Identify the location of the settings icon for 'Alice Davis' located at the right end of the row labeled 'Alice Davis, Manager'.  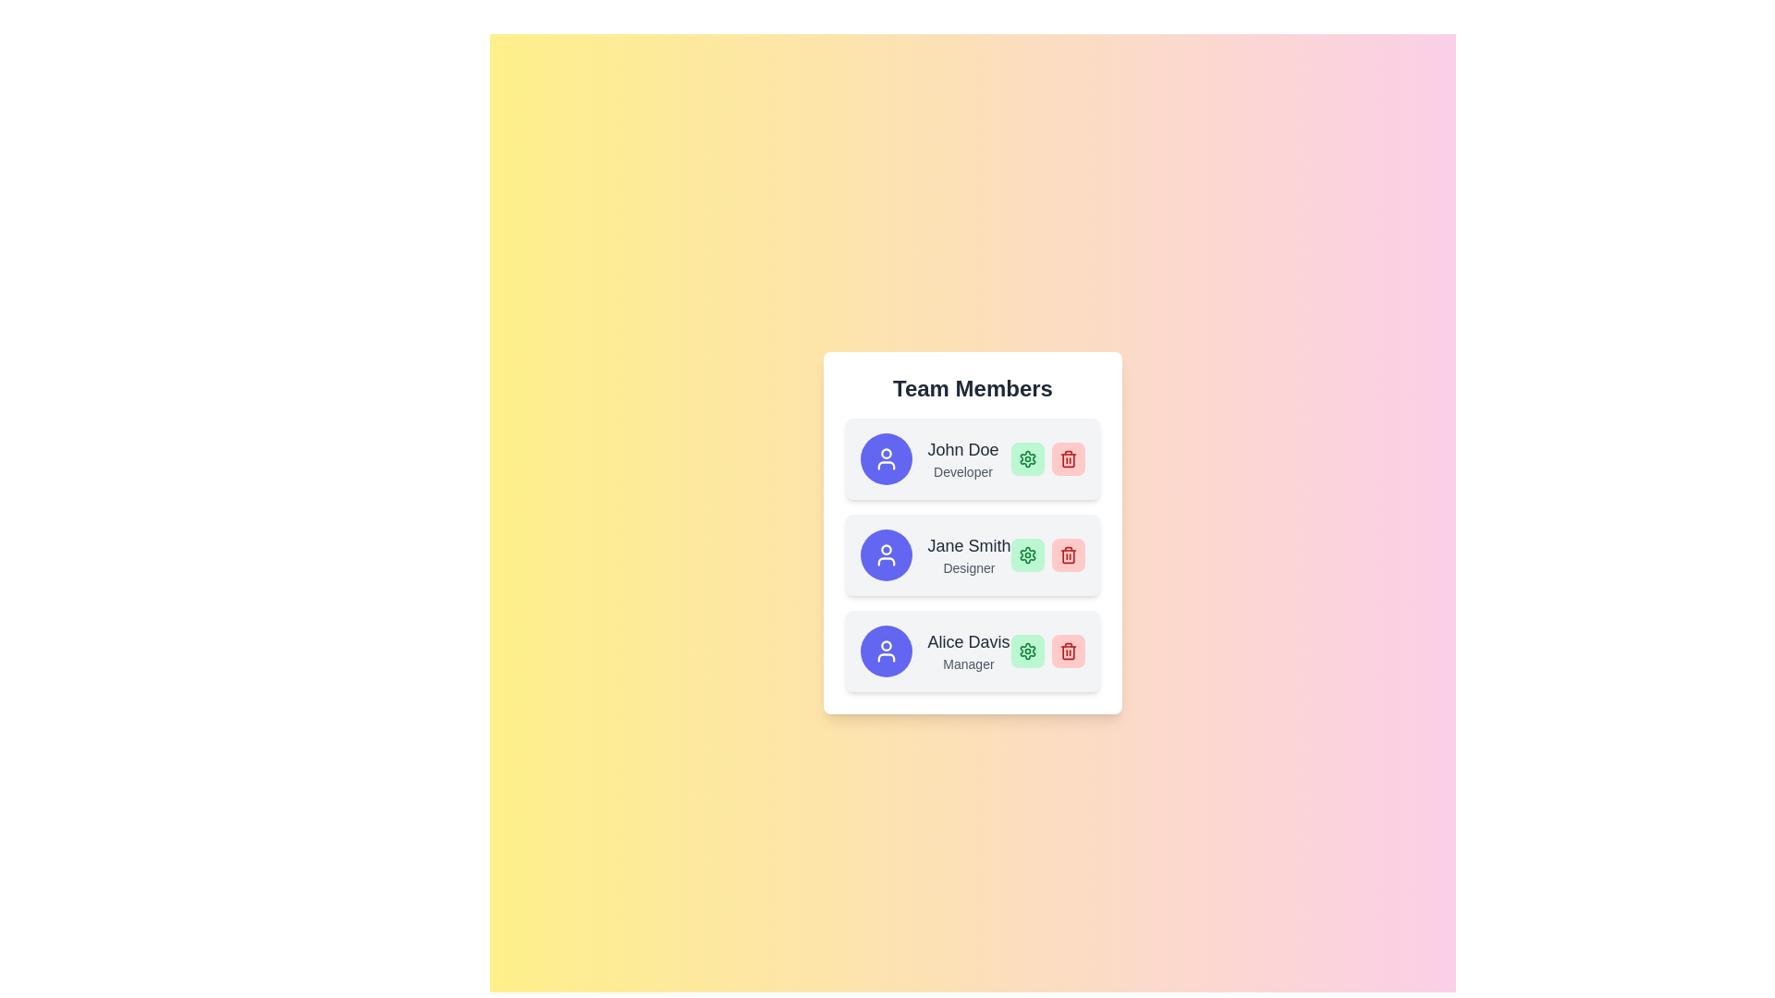
(1026, 651).